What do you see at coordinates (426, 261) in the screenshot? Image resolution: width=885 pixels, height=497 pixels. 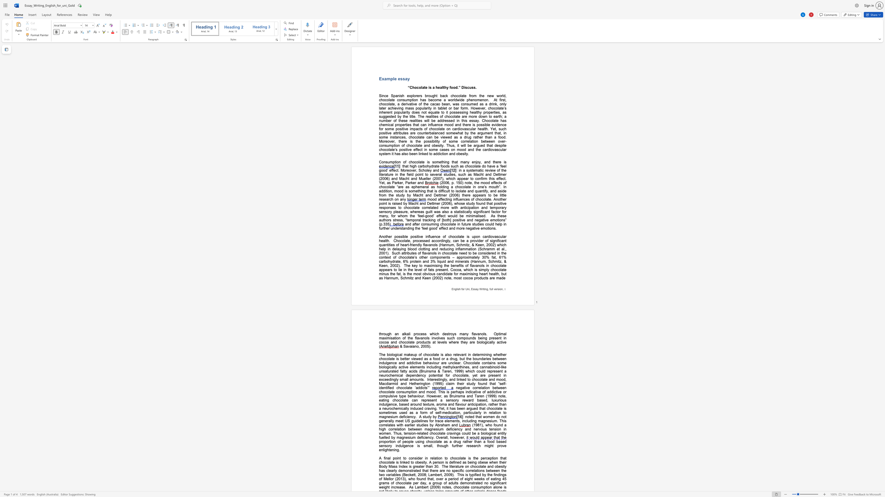 I see `the subset text "d 3% liquid an" within the text "Such attributes of flavanols in chocolate need to be considered in the context of chocolate’s other components – approximately 30% fat, 61% carbohydrate, 6% protein and 3% liquid and minerals (Hannum, Schmitz, & Keen, 2002)"` at bounding box center [426, 261].